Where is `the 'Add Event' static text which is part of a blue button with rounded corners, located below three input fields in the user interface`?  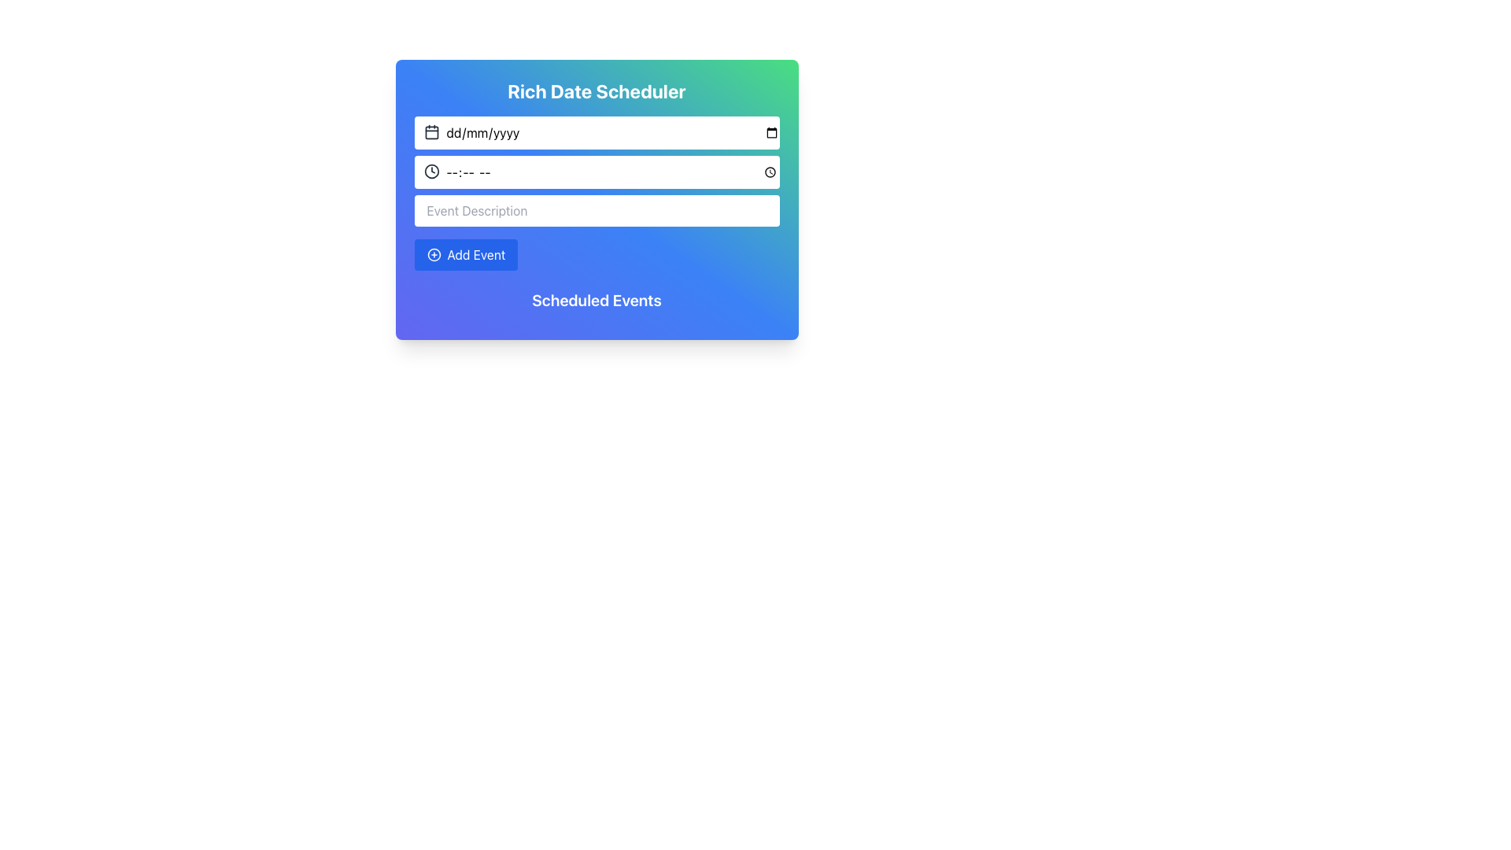 the 'Add Event' static text which is part of a blue button with rounded corners, located below three input fields in the user interface is located at coordinates (475, 254).